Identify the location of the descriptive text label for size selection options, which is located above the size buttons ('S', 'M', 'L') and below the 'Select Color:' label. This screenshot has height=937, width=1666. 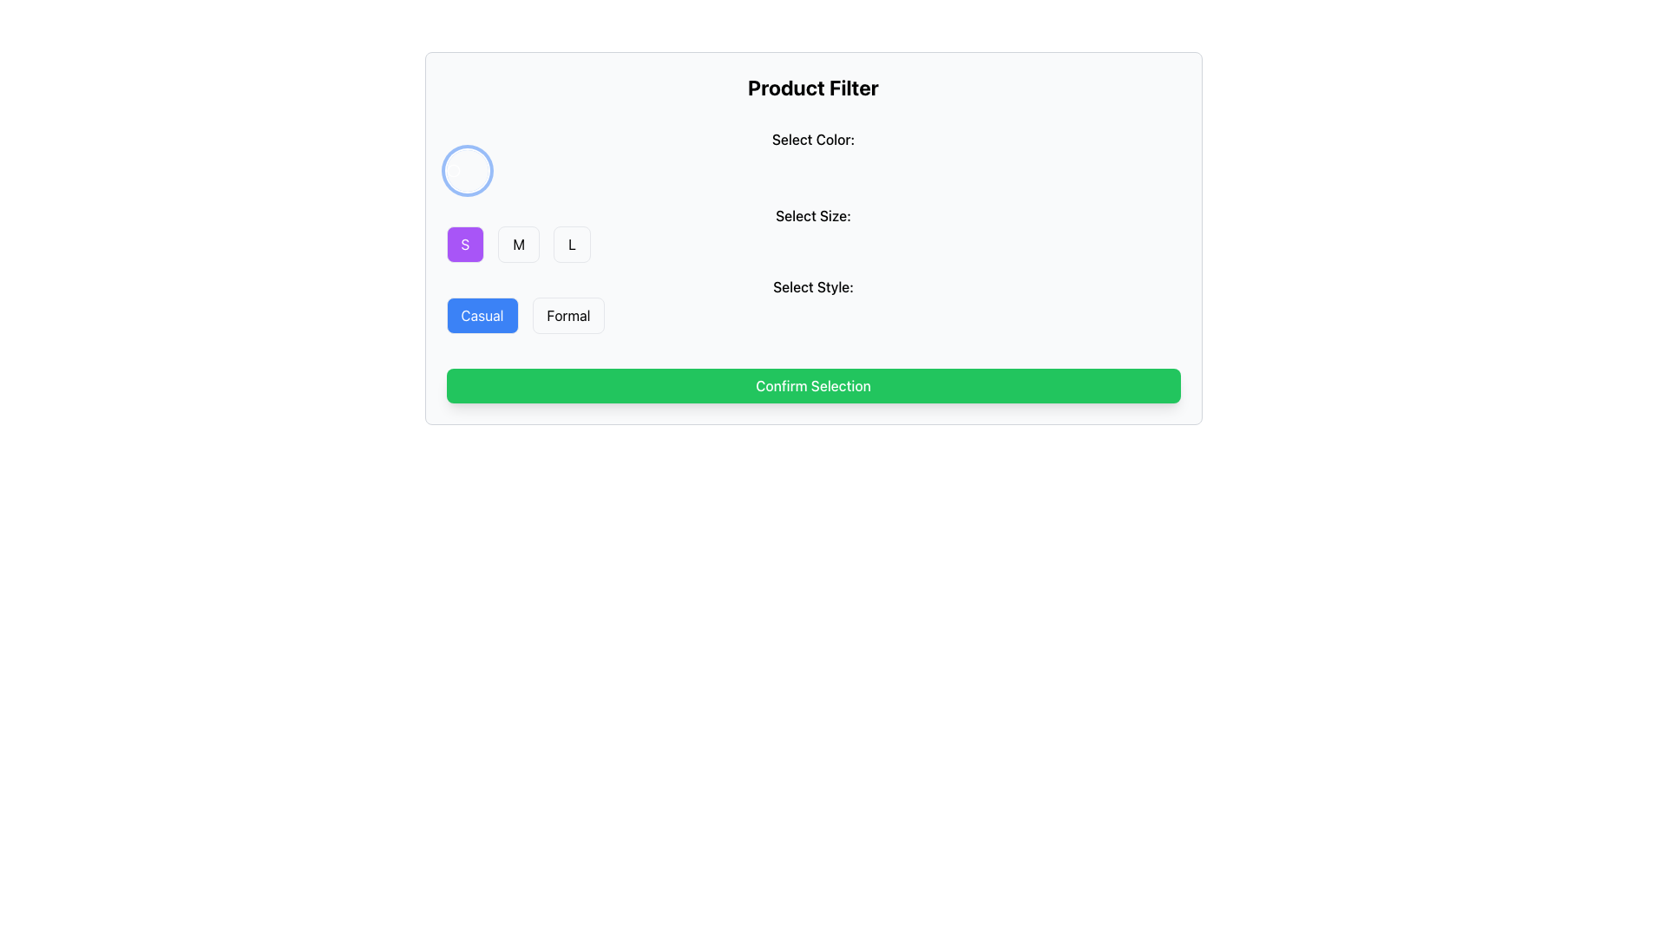
(812, 215).